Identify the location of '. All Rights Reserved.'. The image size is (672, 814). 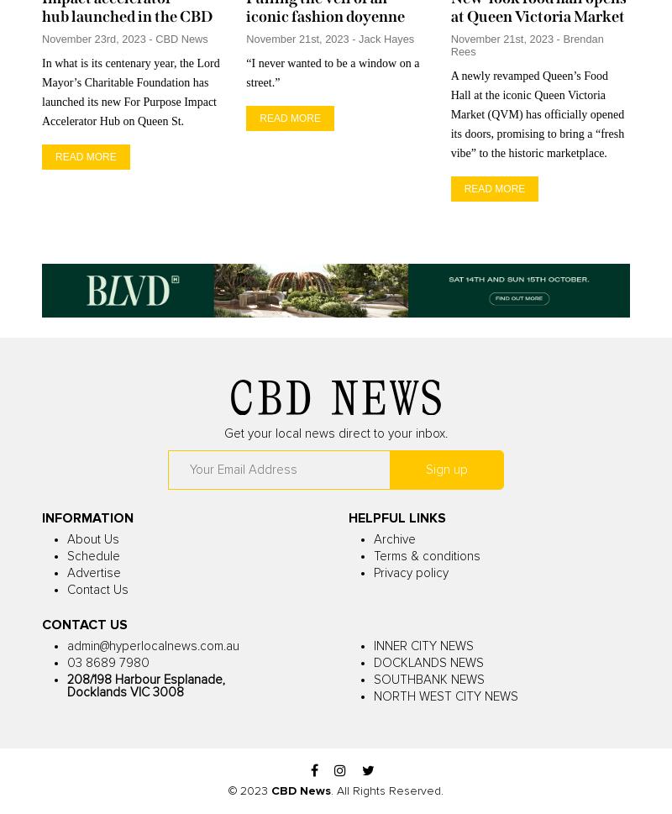
(386, 790).